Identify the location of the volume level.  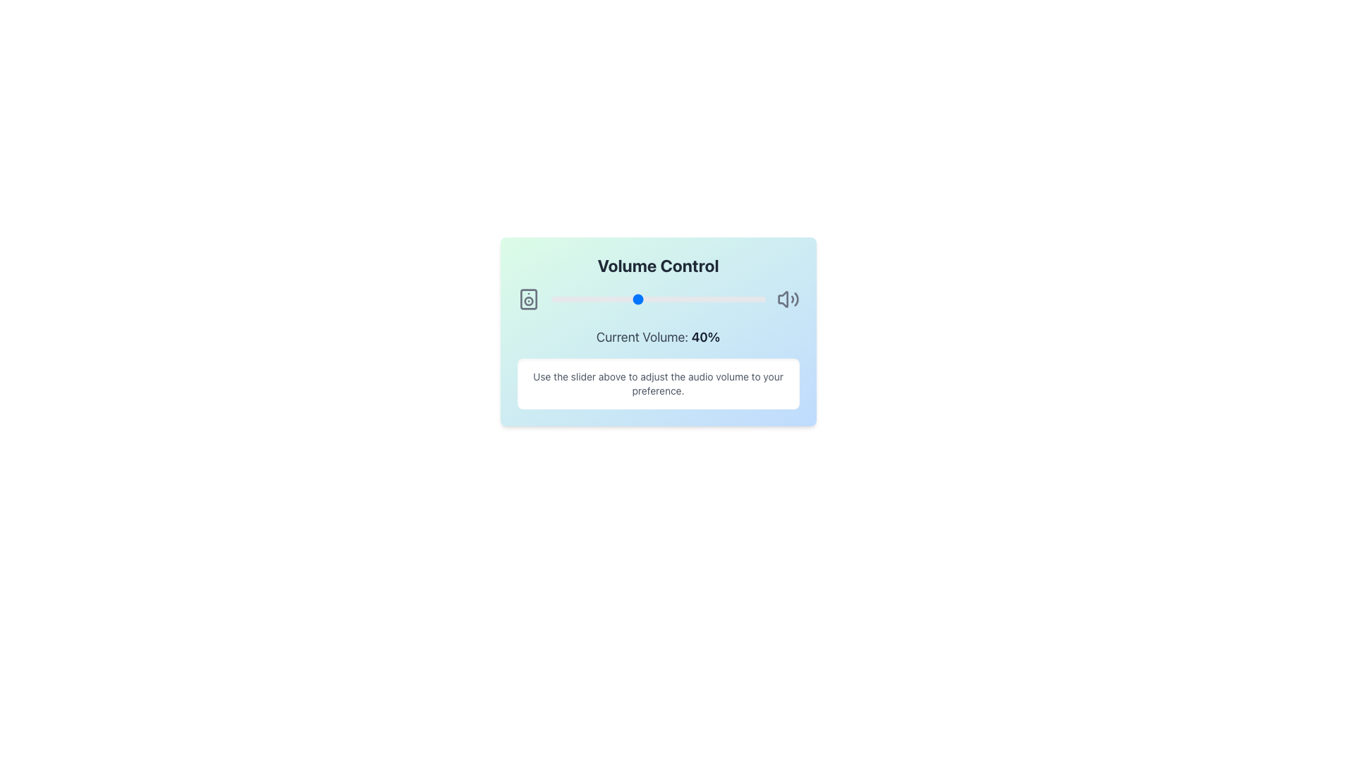
(731, 298).